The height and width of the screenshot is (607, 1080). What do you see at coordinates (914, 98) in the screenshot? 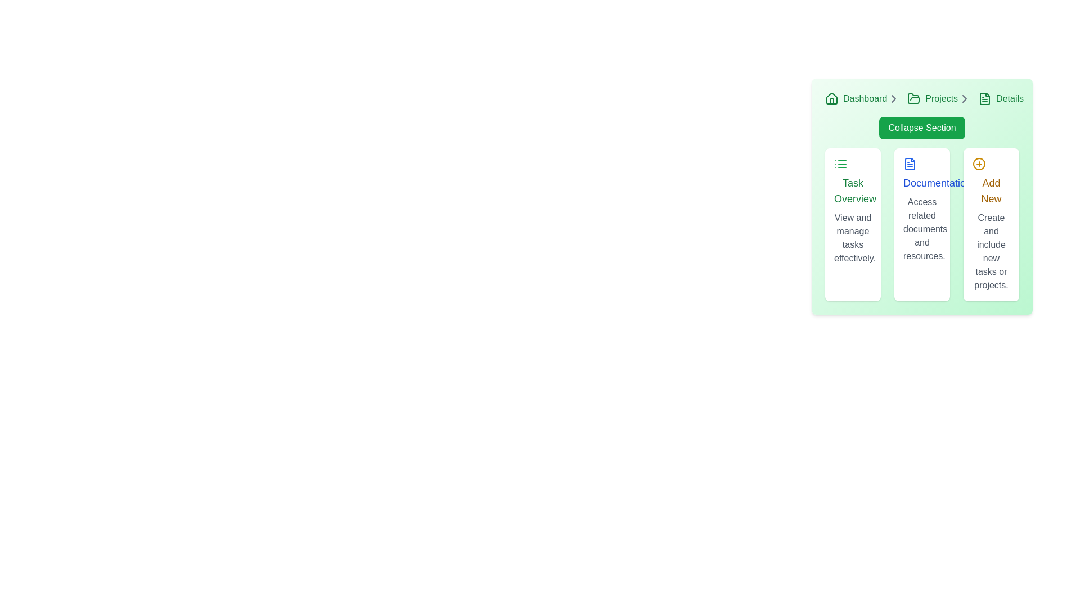
I see `the open folder icon, which is a minimalist green outlined icon located in the second navigational breadcrumb between the 'Home' icon and other icons` at bounding box center [914, 98].